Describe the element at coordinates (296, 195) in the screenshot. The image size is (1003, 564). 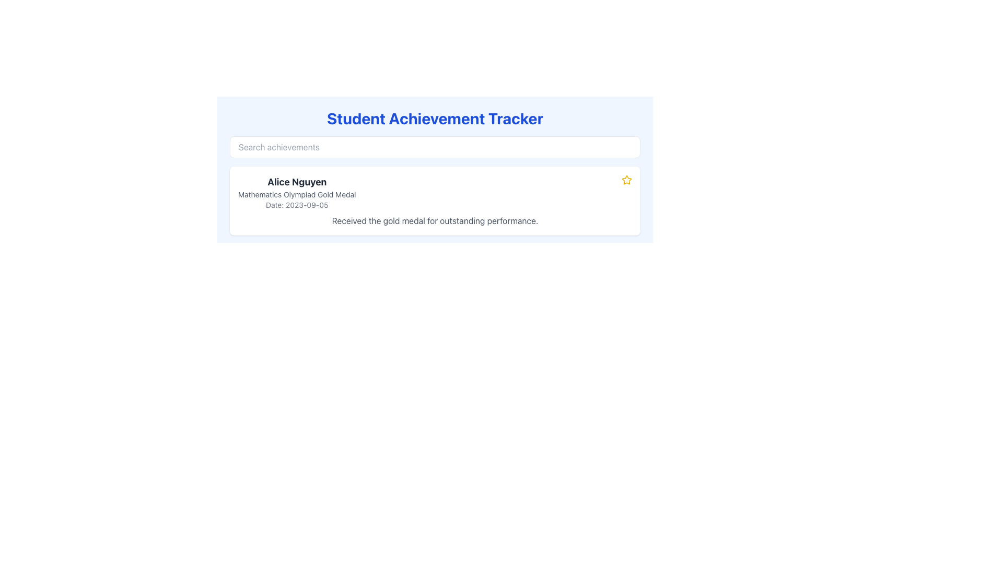
I see `the static text element that describes the achievement associated with the user, positioned below the title 'Alice Nguyen' and above the text 'Date: 2023-09-05'` at that location.